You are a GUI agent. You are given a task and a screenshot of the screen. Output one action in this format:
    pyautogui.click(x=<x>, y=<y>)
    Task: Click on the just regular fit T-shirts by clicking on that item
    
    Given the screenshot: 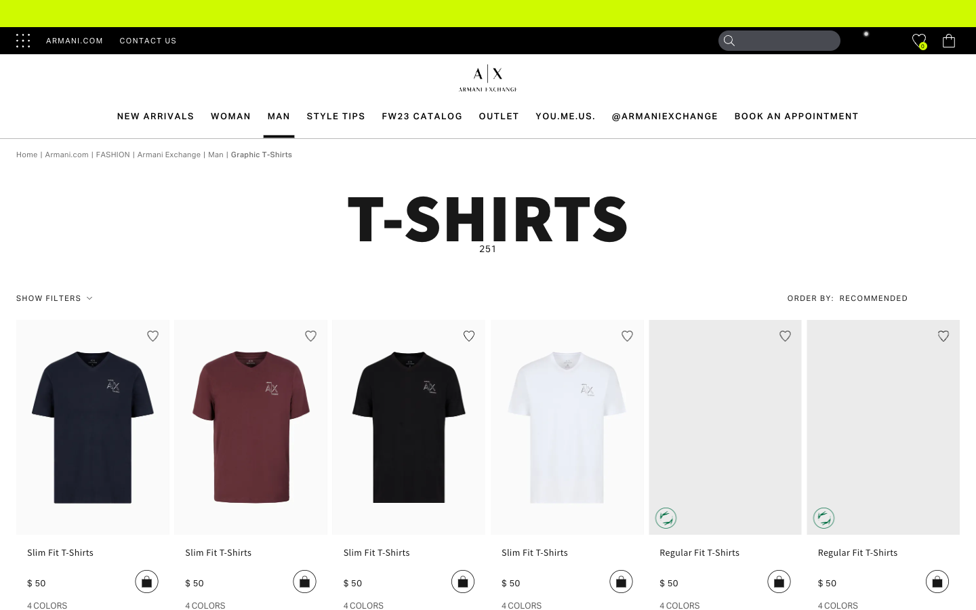 What is the action you would take?
    pyautogui.click(x=725, y=557)
    